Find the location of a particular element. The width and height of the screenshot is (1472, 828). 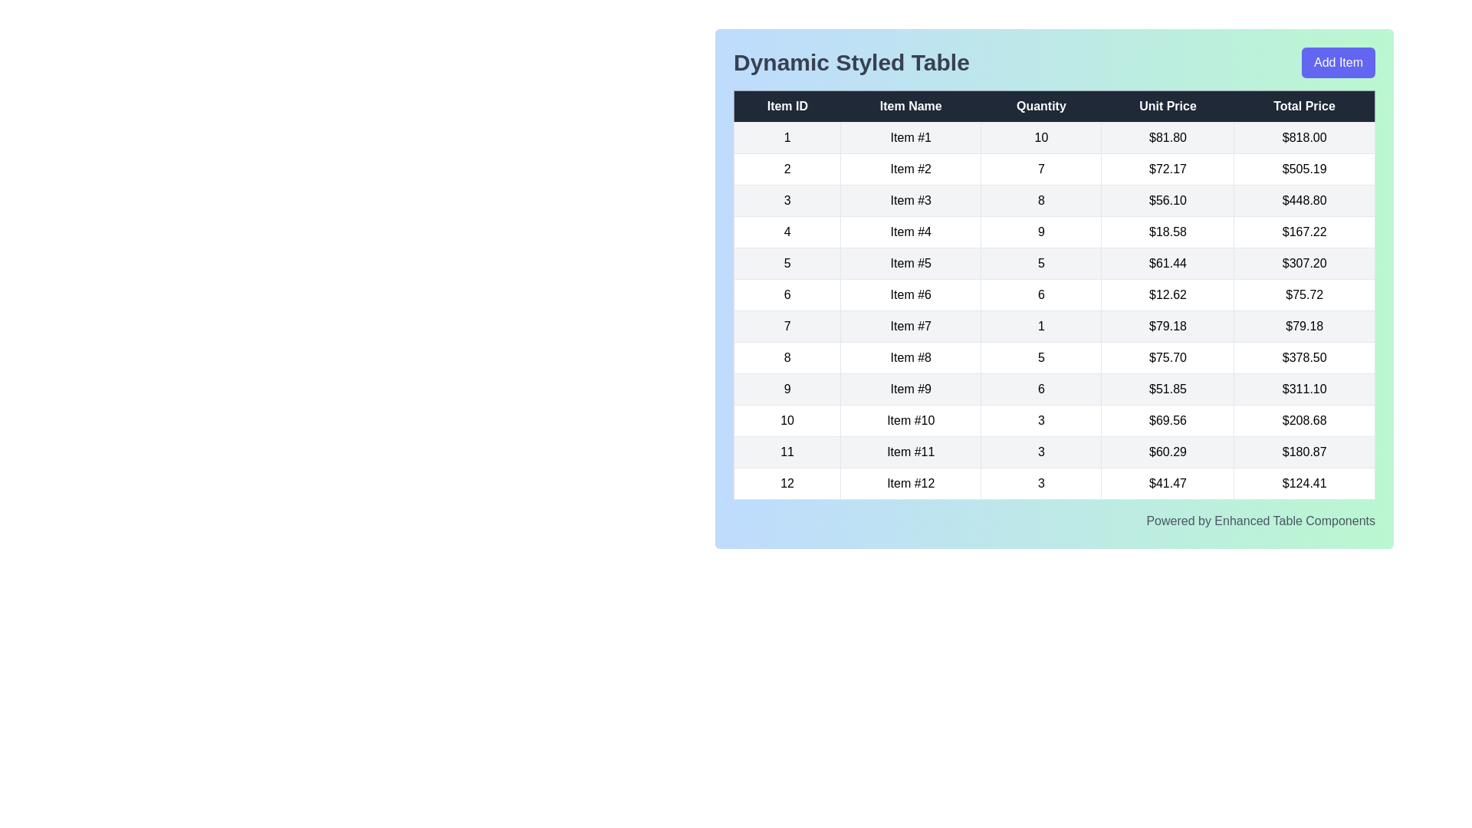

'Add Item' button to add a new row to the table is located at coordinates (1338, 61).